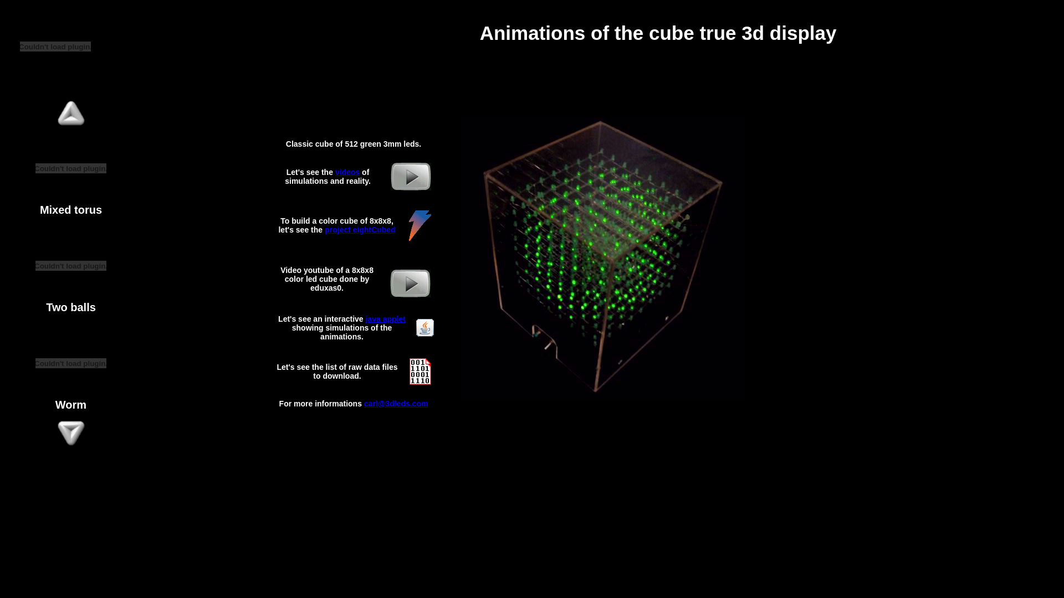 This screenshot has width=1064, height=598. Describe the element at coordinates (415, 332) in the screenshot. I see `'Interactive java applet 3d viewer of simulations'` at that location.